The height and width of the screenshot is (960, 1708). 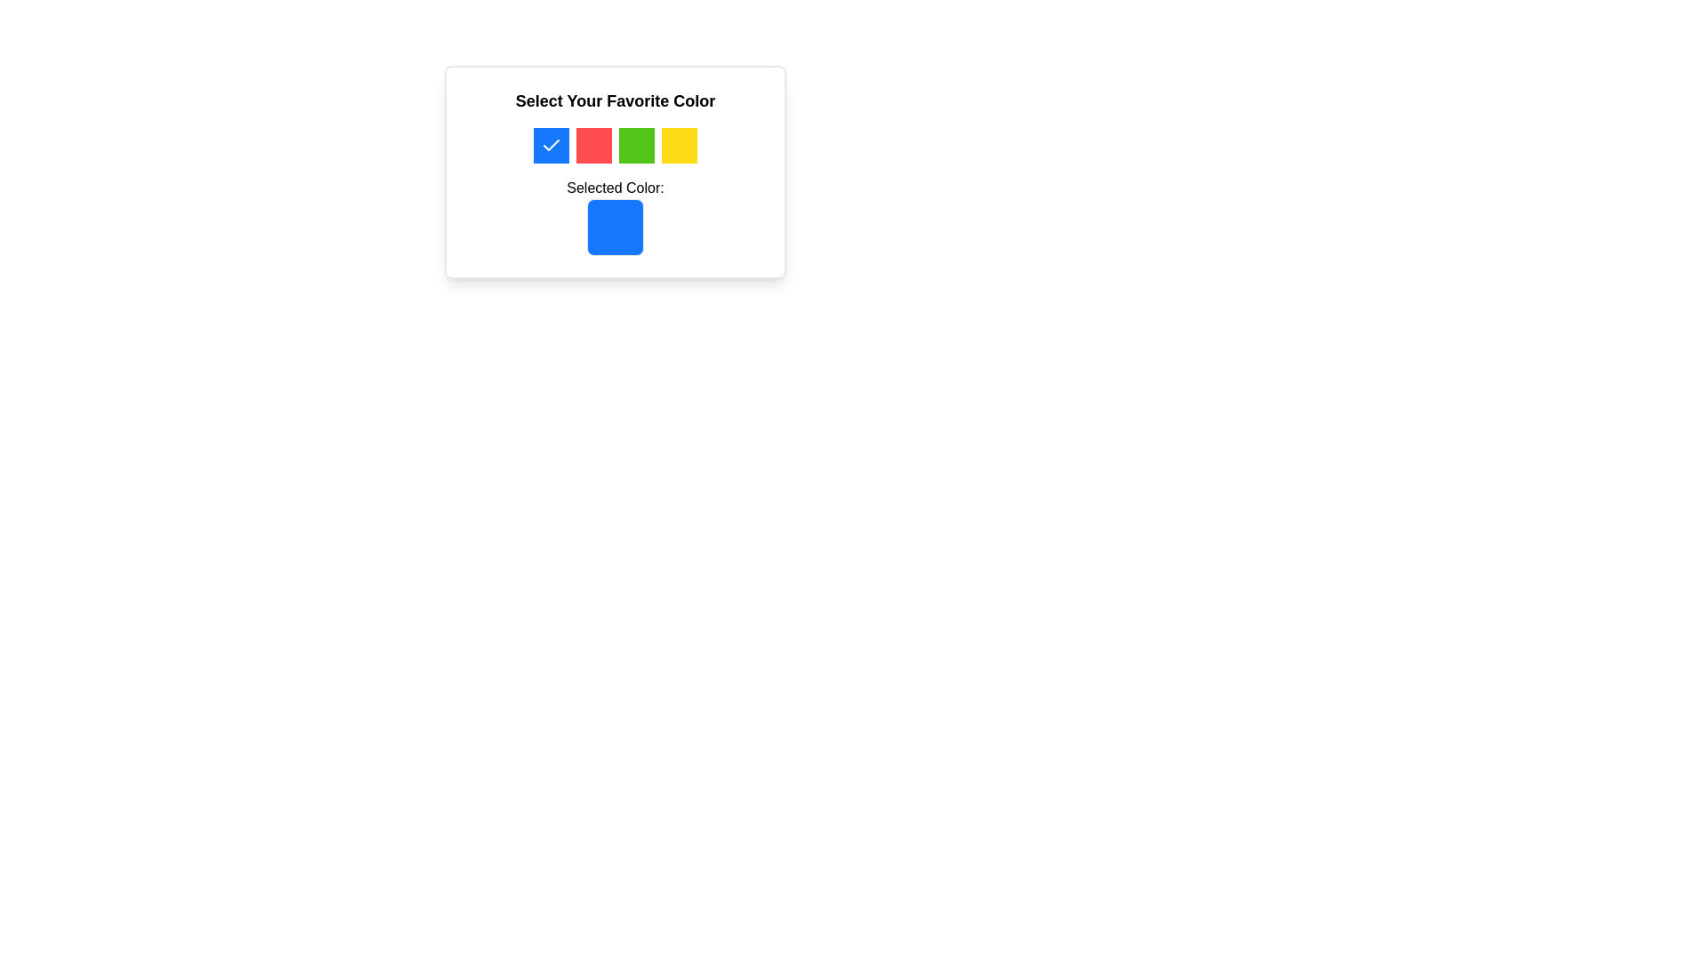 What do you see at coordinates (550, 145) in the screenshot?
I see `the blue toggleable square button with a white checkmark icon` at bounding box center [550, 145].